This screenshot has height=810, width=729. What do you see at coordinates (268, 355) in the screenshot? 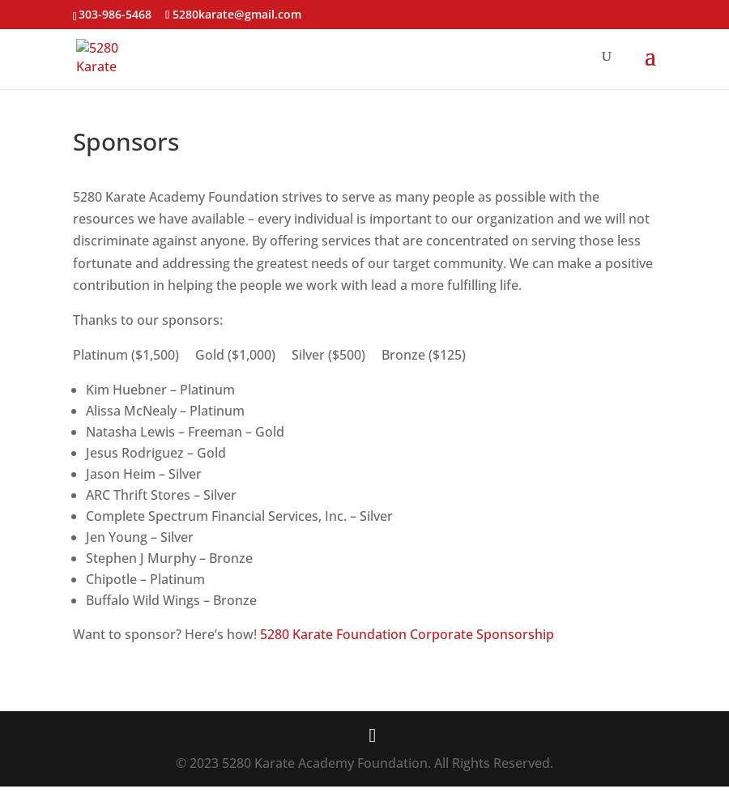
I see `'Platinum ($1,500)     Gold ($1,000)     Silver ($500)     Bronze ($125)'` at bounding box center [268, 355].